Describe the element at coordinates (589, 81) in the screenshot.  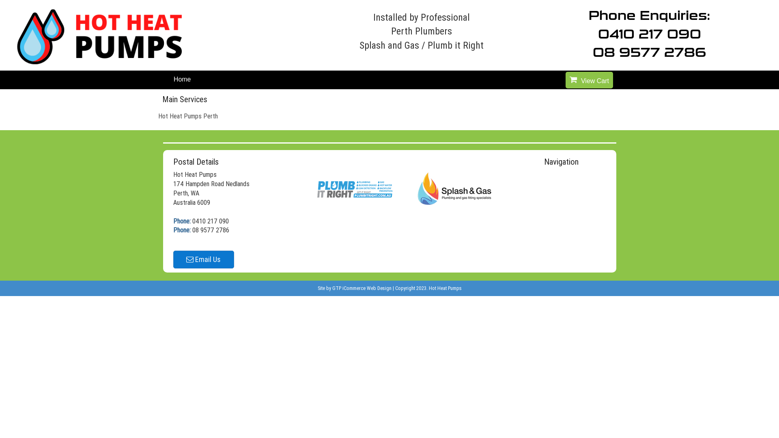
I see `'View Cart'` at that location.